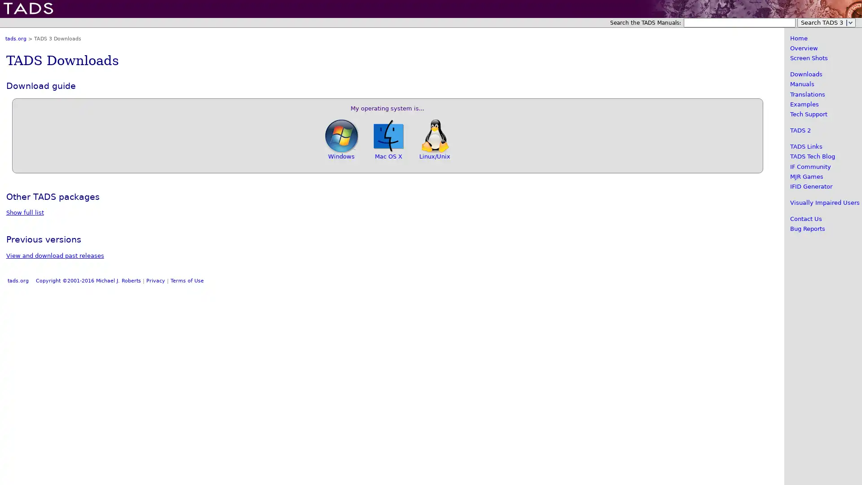  I want to click on Search TADS 3, so click(826, 22).